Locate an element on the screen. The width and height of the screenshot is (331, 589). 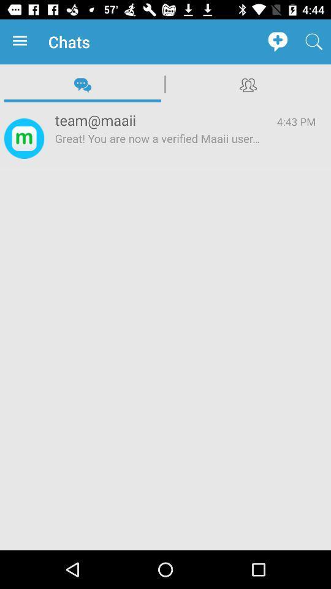
icon to the right of the chats is located at coordinates (278, 42).